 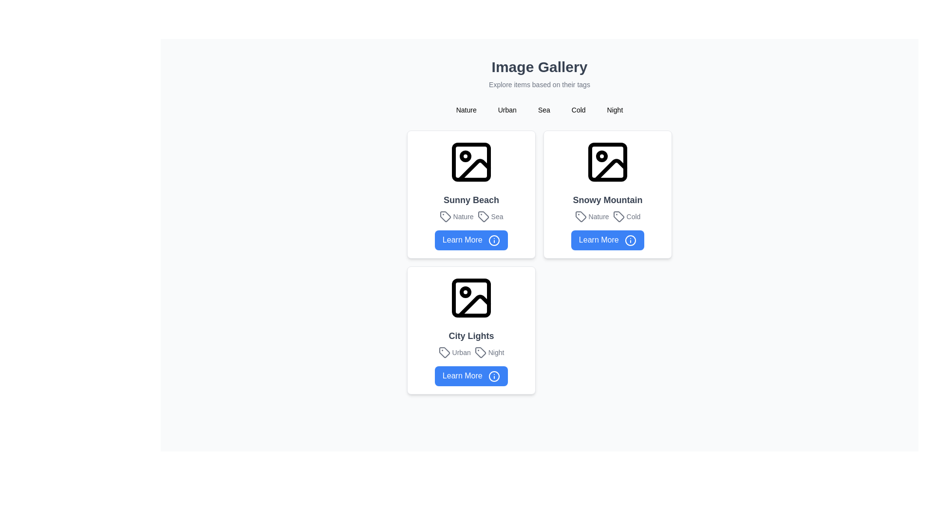 I want to click on the tag icon resembling a tag, outlined in black, located beside the text label 'Sea' within the 'Sunny Beach' card, so click(x=483, y=216).